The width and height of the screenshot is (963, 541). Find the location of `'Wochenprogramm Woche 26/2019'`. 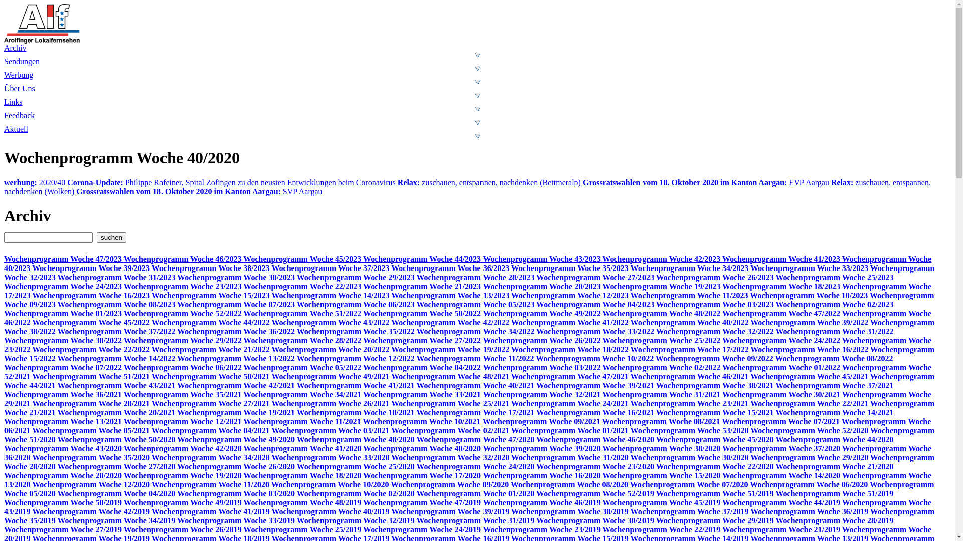

'Wochenprogramm Woche 26/2019' is located at coordinates (184, 529).